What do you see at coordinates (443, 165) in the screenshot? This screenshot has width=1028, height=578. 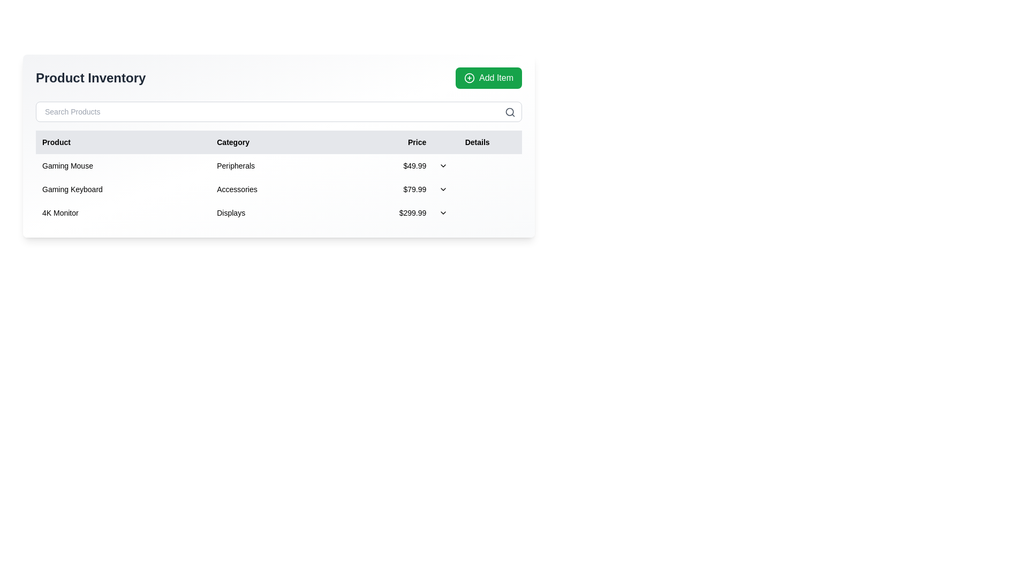 I see `the Dropdown icon in the 'Details' column of the first row of the product table` at bounding box center [443, 165].